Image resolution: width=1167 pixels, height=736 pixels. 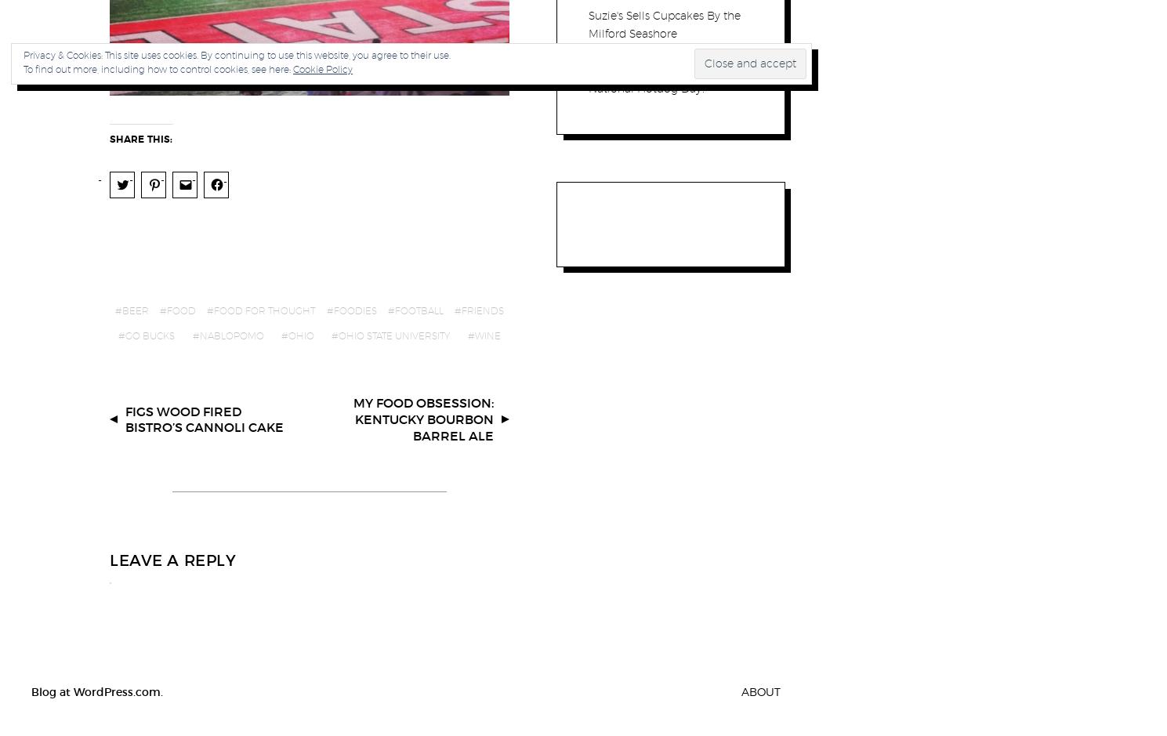 I want to click on 'Leave a Reply', so click(x=172, y=559).